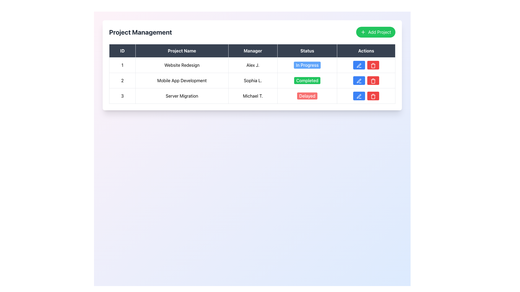  I want to click on the 'Actions' table header cell, which is the last column header in the table, positioned to the far right of the headers labeled 'ID,' 'Project Name,' 'Manager,' and 'Status.', so click(366, 51).